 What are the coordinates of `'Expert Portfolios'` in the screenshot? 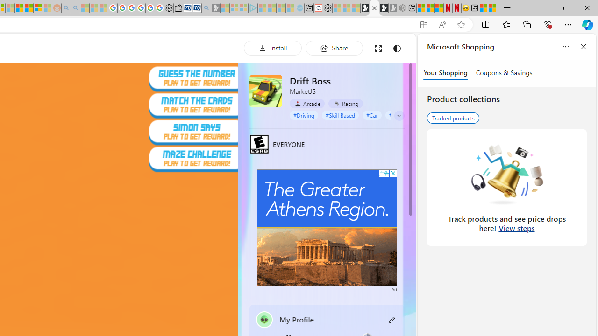 It's located at (19, 8).